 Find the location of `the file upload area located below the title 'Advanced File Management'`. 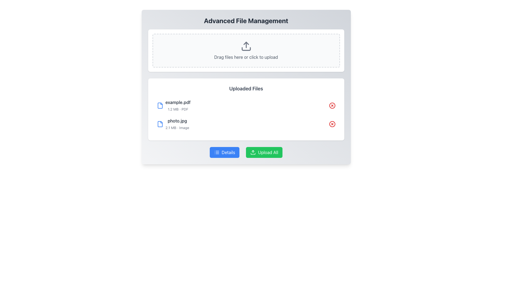

the file upload area located below the title 'Advanced File Management' is located at coordinates (246, 50).